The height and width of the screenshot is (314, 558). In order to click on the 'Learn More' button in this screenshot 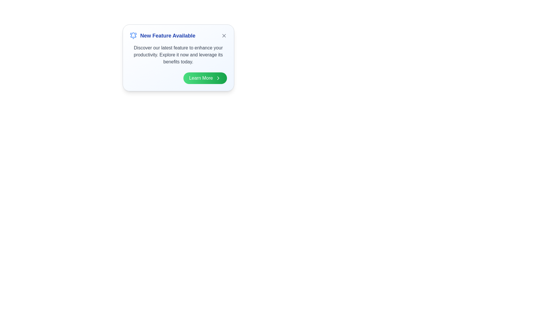, I will do `click(205, 78)`.